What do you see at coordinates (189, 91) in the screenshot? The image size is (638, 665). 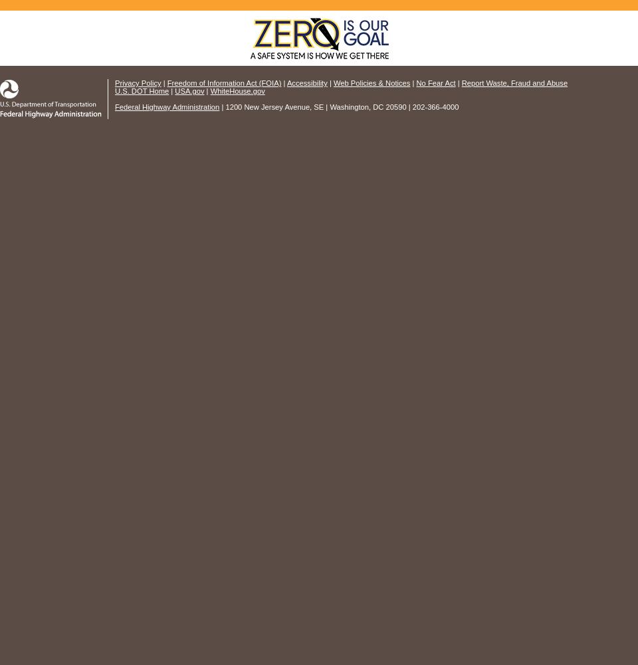 I see `'USA.gov'` at bounding box center [189, 91].